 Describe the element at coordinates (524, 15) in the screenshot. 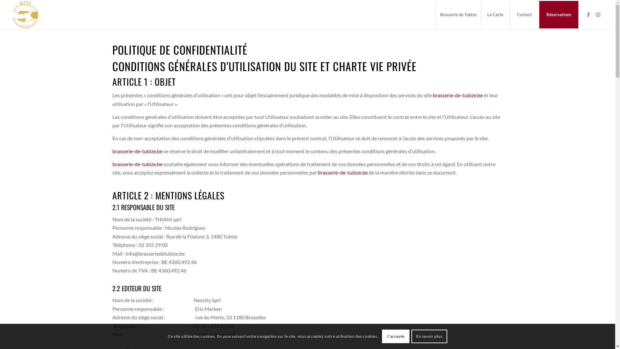

I see `'Contact'` at that location.